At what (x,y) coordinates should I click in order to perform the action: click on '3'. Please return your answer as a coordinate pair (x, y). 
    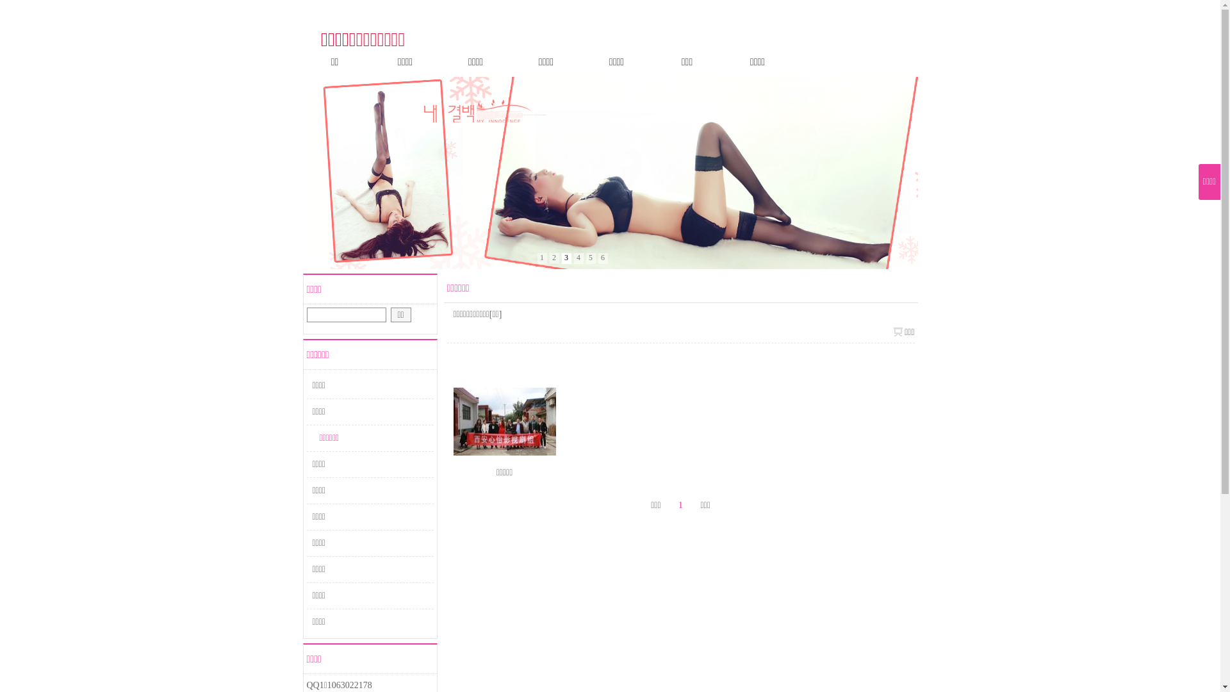
    Looking at the image, I should click on (565, 258).